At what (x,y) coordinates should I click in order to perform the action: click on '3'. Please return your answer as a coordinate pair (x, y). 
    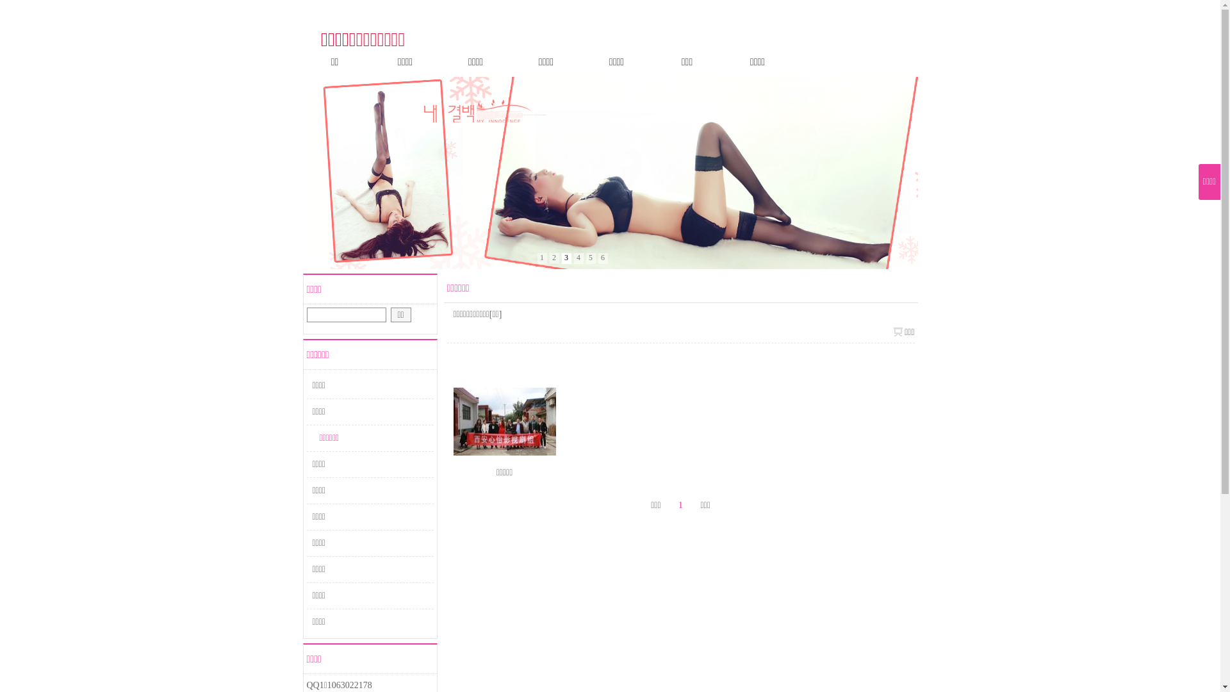
    Looking at the image, I should click on (565, 258).